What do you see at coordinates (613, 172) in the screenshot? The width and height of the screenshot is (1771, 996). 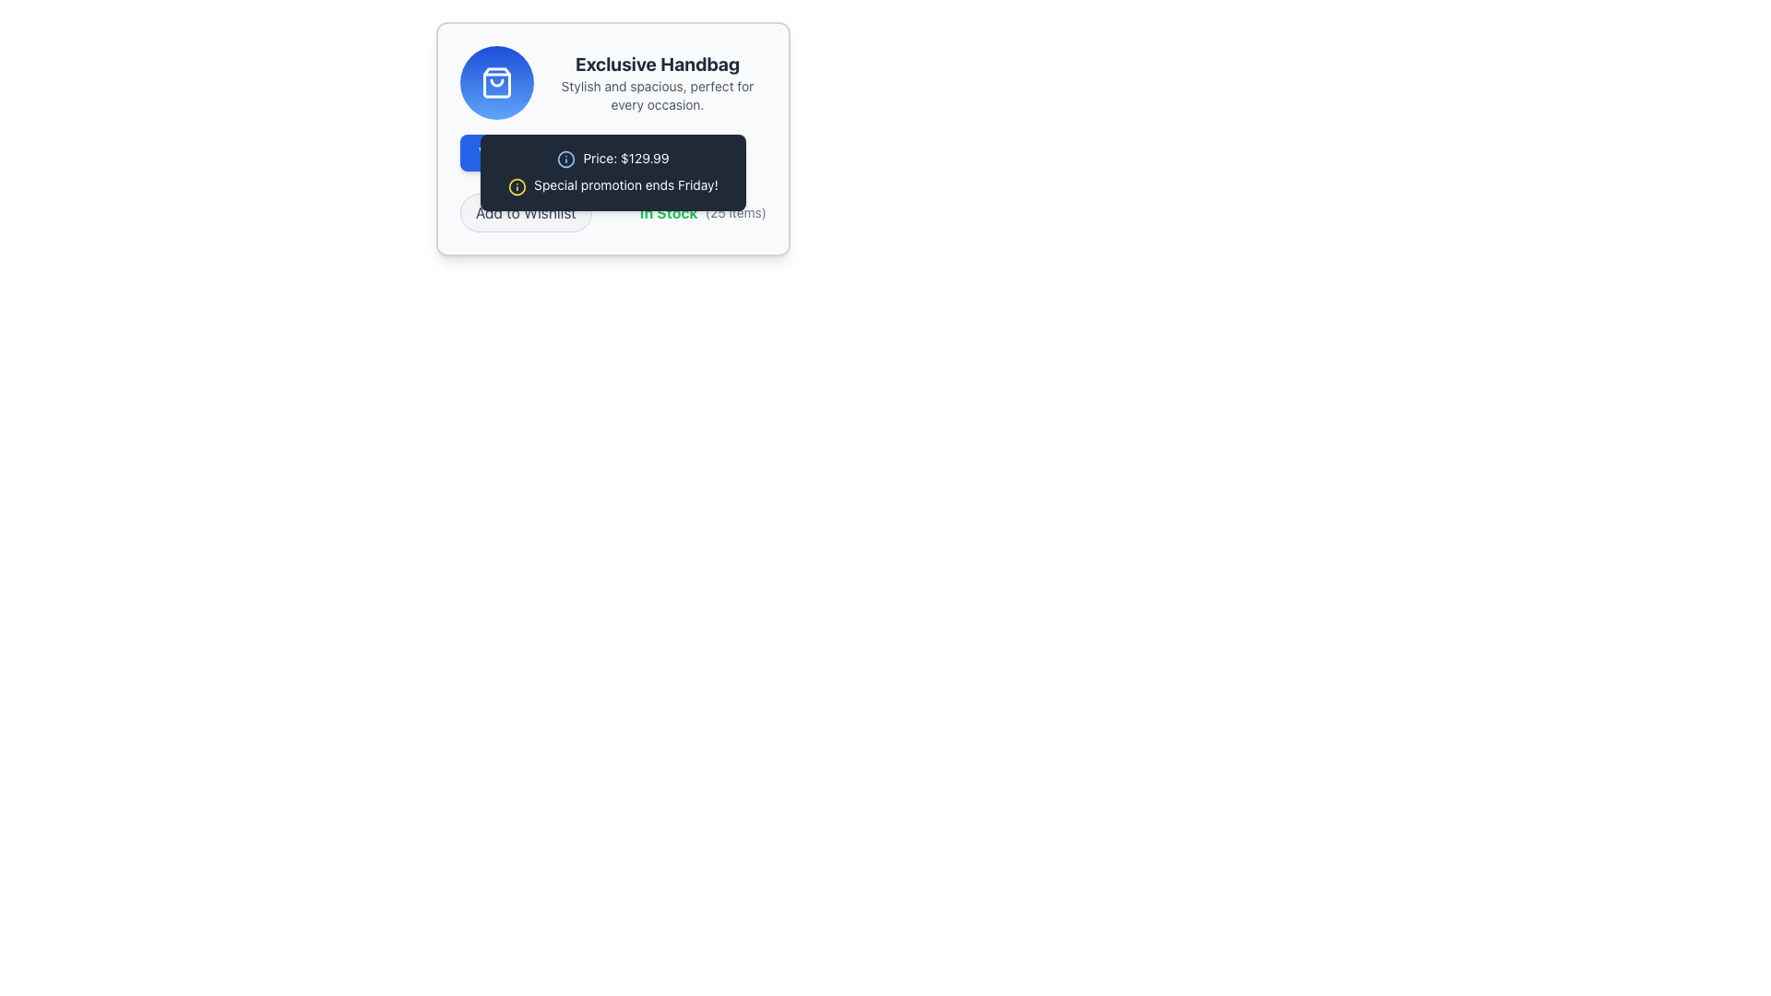 I see `information displayed on the Notification banner, which shows the price and promotion details` at bounding box center [613, 172].